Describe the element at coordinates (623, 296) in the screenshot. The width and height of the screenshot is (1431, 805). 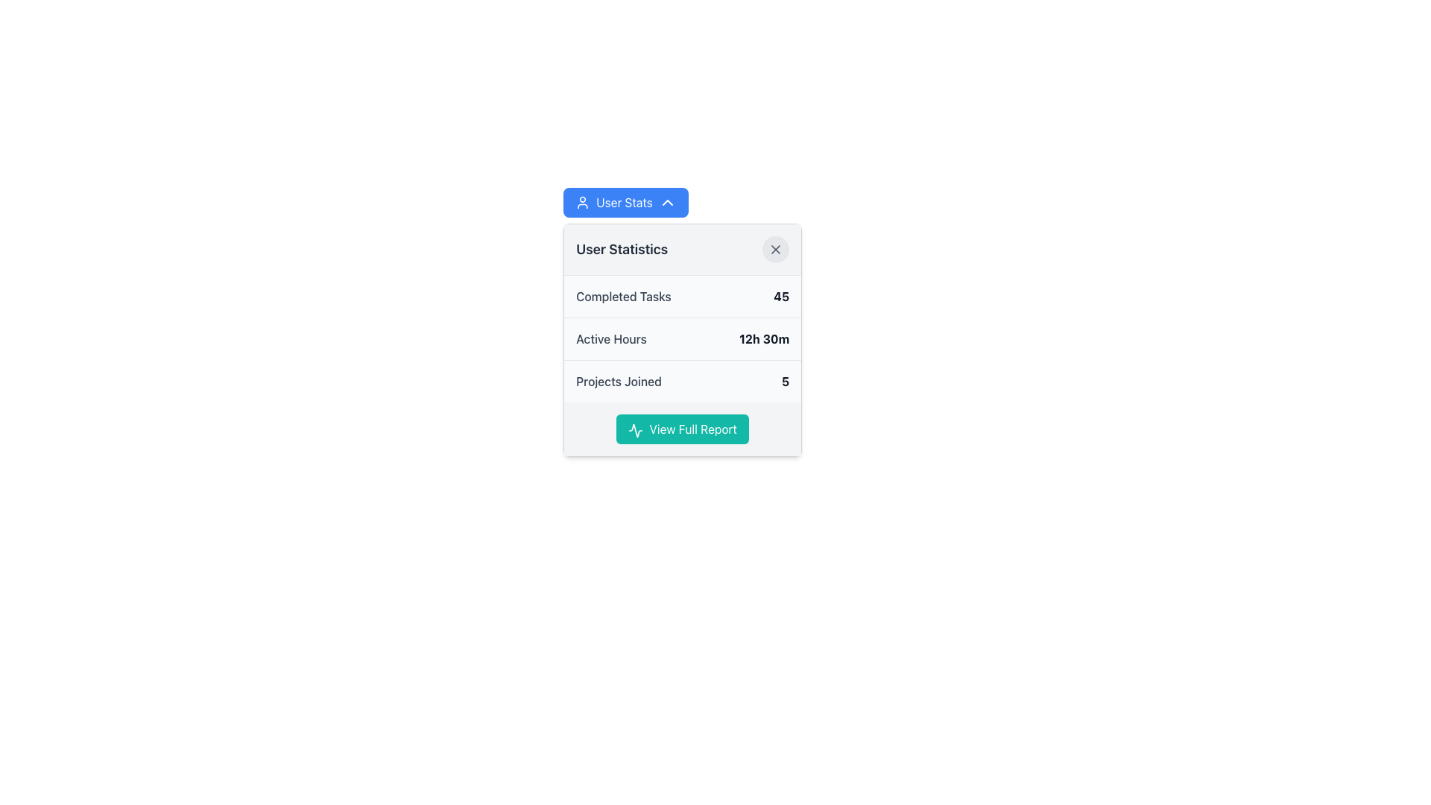
I see `the text label indicating the number of tasks completed, which is located to the left of the bold numeral '45' in the statistics panel` at that location.